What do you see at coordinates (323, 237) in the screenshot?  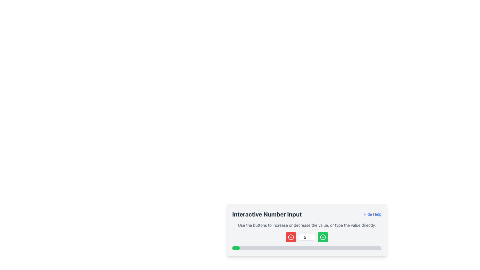 I see `the circular green button with a white plus symbol located at the bottom-right of the interactive number input section` at bounding box center [323, 237].